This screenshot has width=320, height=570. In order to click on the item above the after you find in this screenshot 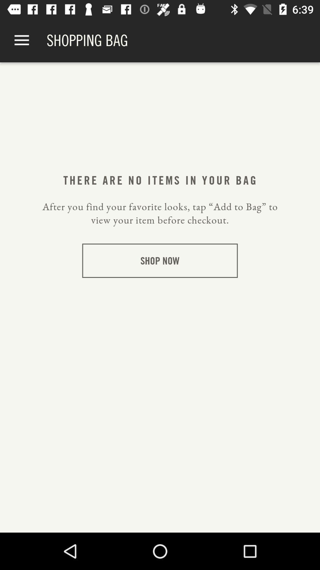, I will do `click(21, 40)`.